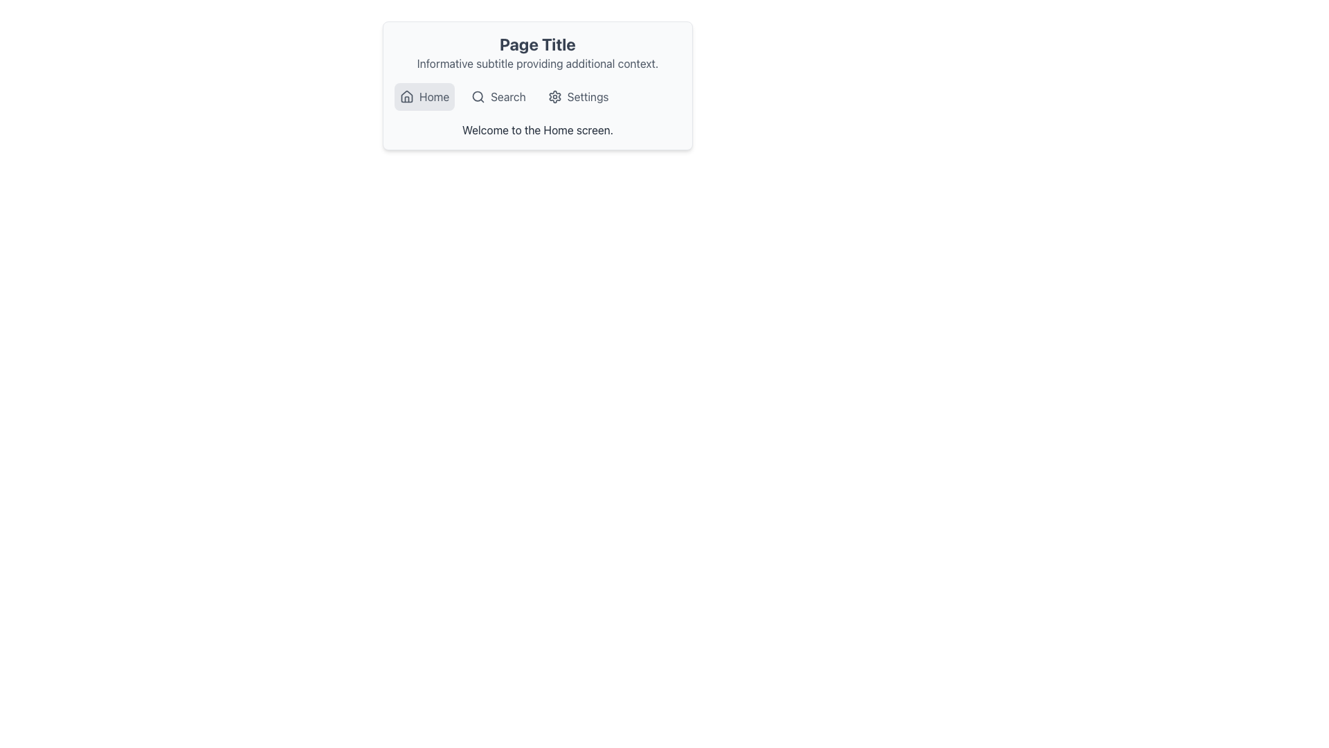 The image size is (1329, 748). I want to click on the third button in the horizontal row under the heading, so click(578, 96).